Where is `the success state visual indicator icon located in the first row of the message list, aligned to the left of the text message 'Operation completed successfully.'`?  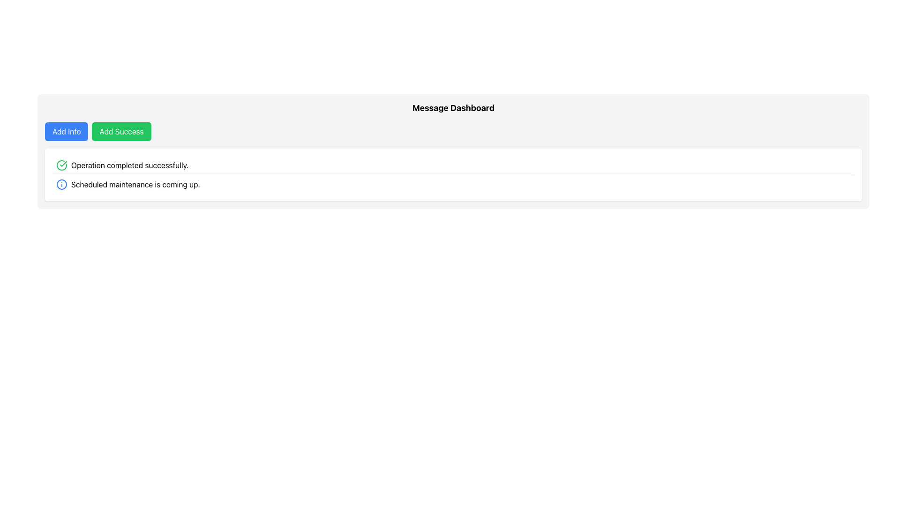
the success state visual indicator icon located in the first row of the message list, aligned to the left of the text message 'Operation completed successfully.' is located at coordinates (61, 165).